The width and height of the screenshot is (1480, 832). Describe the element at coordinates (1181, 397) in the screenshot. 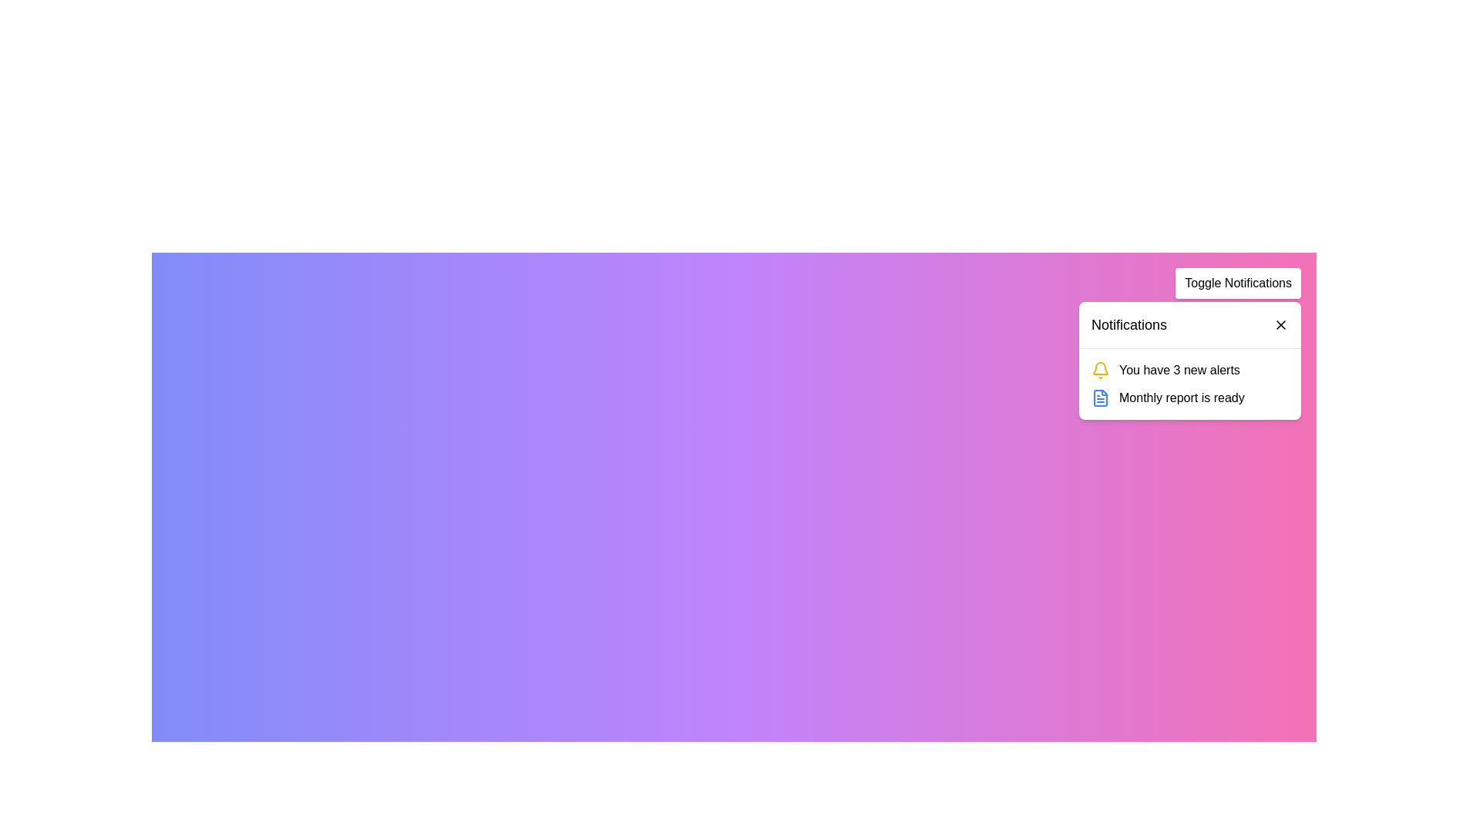

I see `the informative text label indicating the availability of a monthly report in the Notifications popup, located below 'You have 3 new alerts'` at that location.